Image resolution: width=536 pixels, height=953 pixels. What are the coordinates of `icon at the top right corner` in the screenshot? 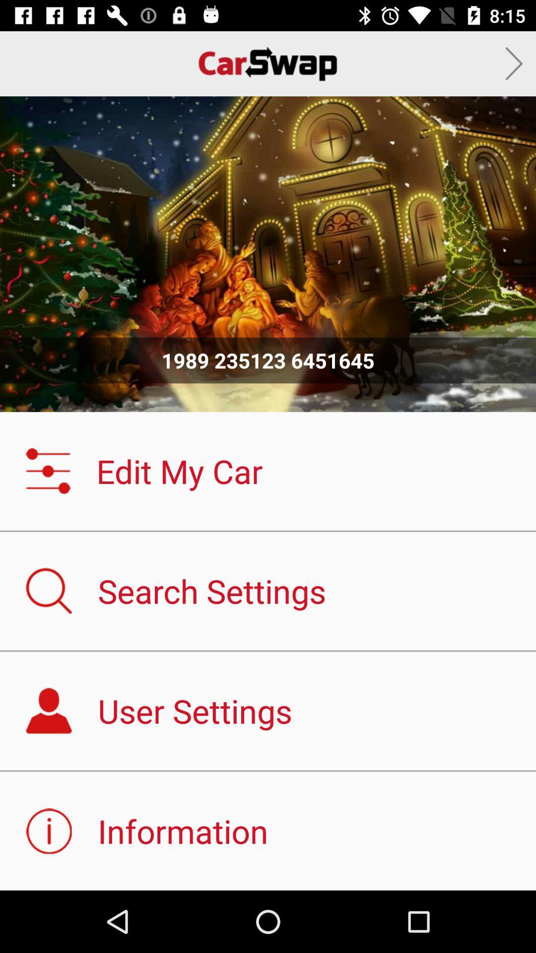 It's located at (514, 63).